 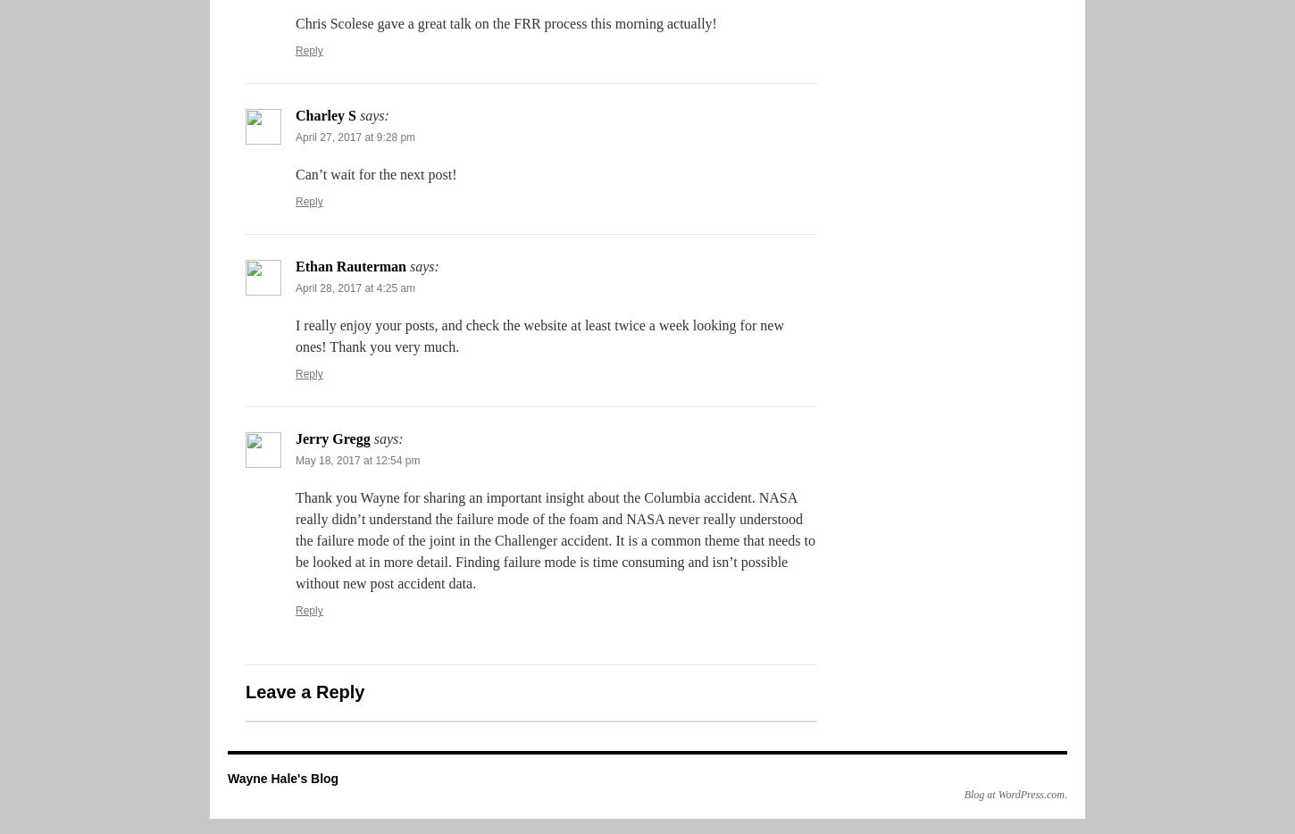 What do you see at coordinates (305, 691) in the screenshot?
I see `'Leave a Reply'` at bounding box center [305, 691].